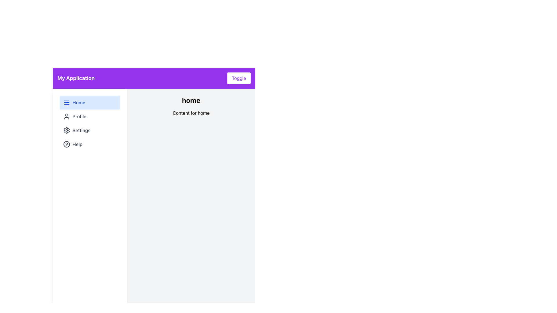 The width and height of the screenshot is (557, 313). I want to click on the text label in the sidebar menu that serves as a navigation item for settings, located between 'Profile' and 'Help', so click(81, 130).